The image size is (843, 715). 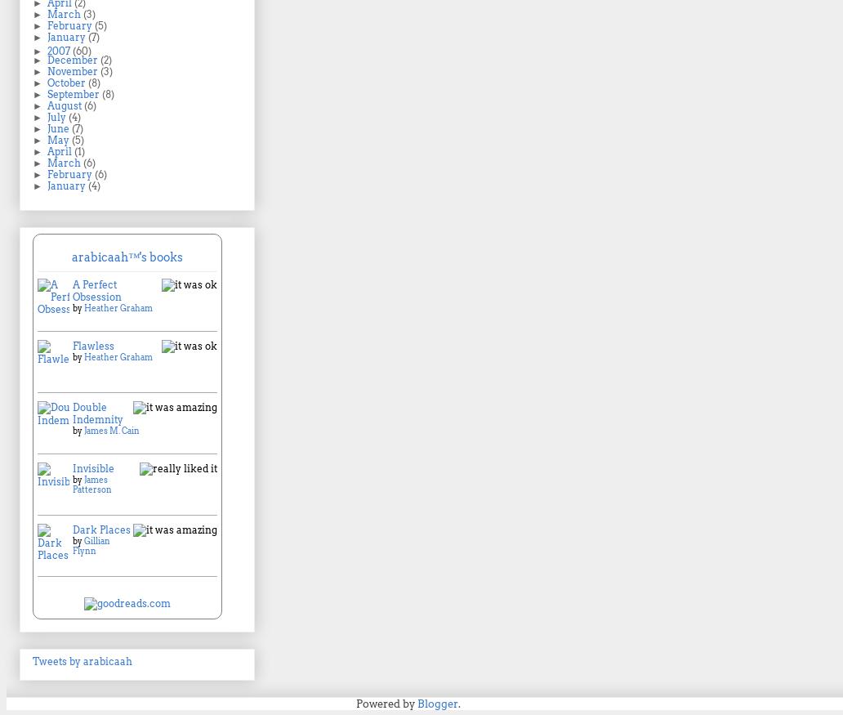 I want to click on 'October', so click(x=67, y=83).